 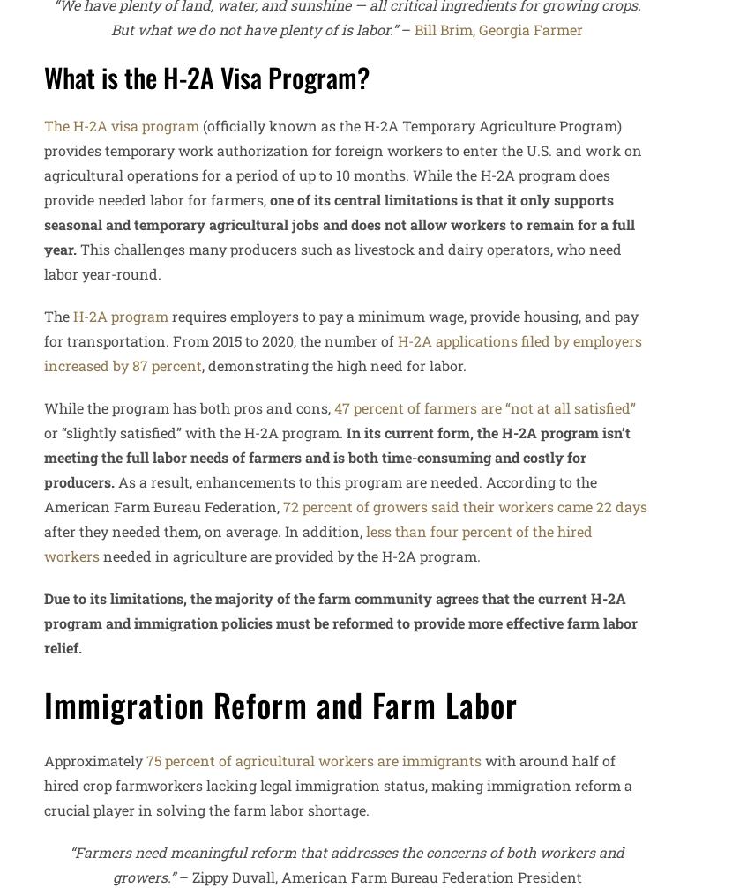 I want to click on 'less than four percent of the hired workers', so click(x=317, y=541).